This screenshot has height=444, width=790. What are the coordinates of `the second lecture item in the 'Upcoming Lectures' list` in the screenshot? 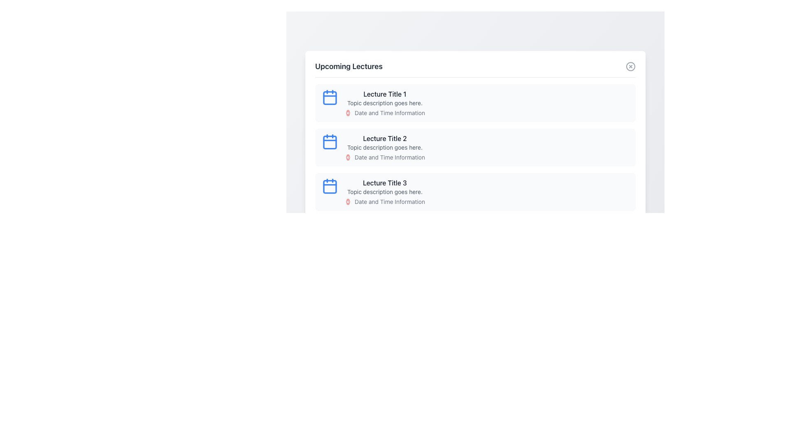 It's located at (475, 147).